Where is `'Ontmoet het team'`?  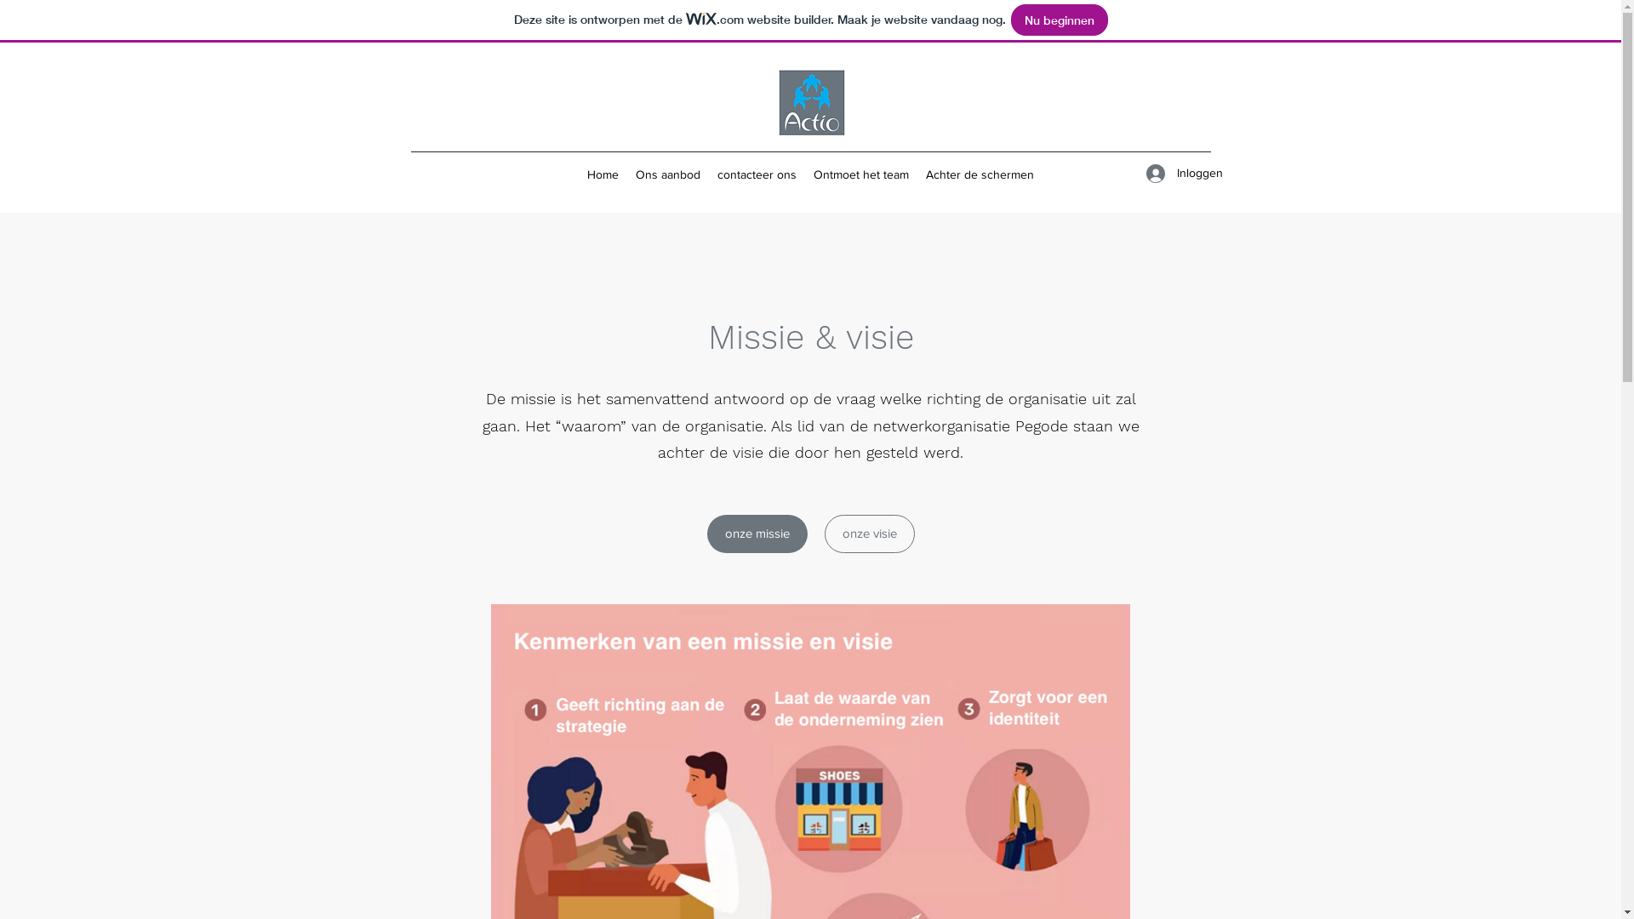
'Ontmoet het team' is located at coordinates (861, 174).